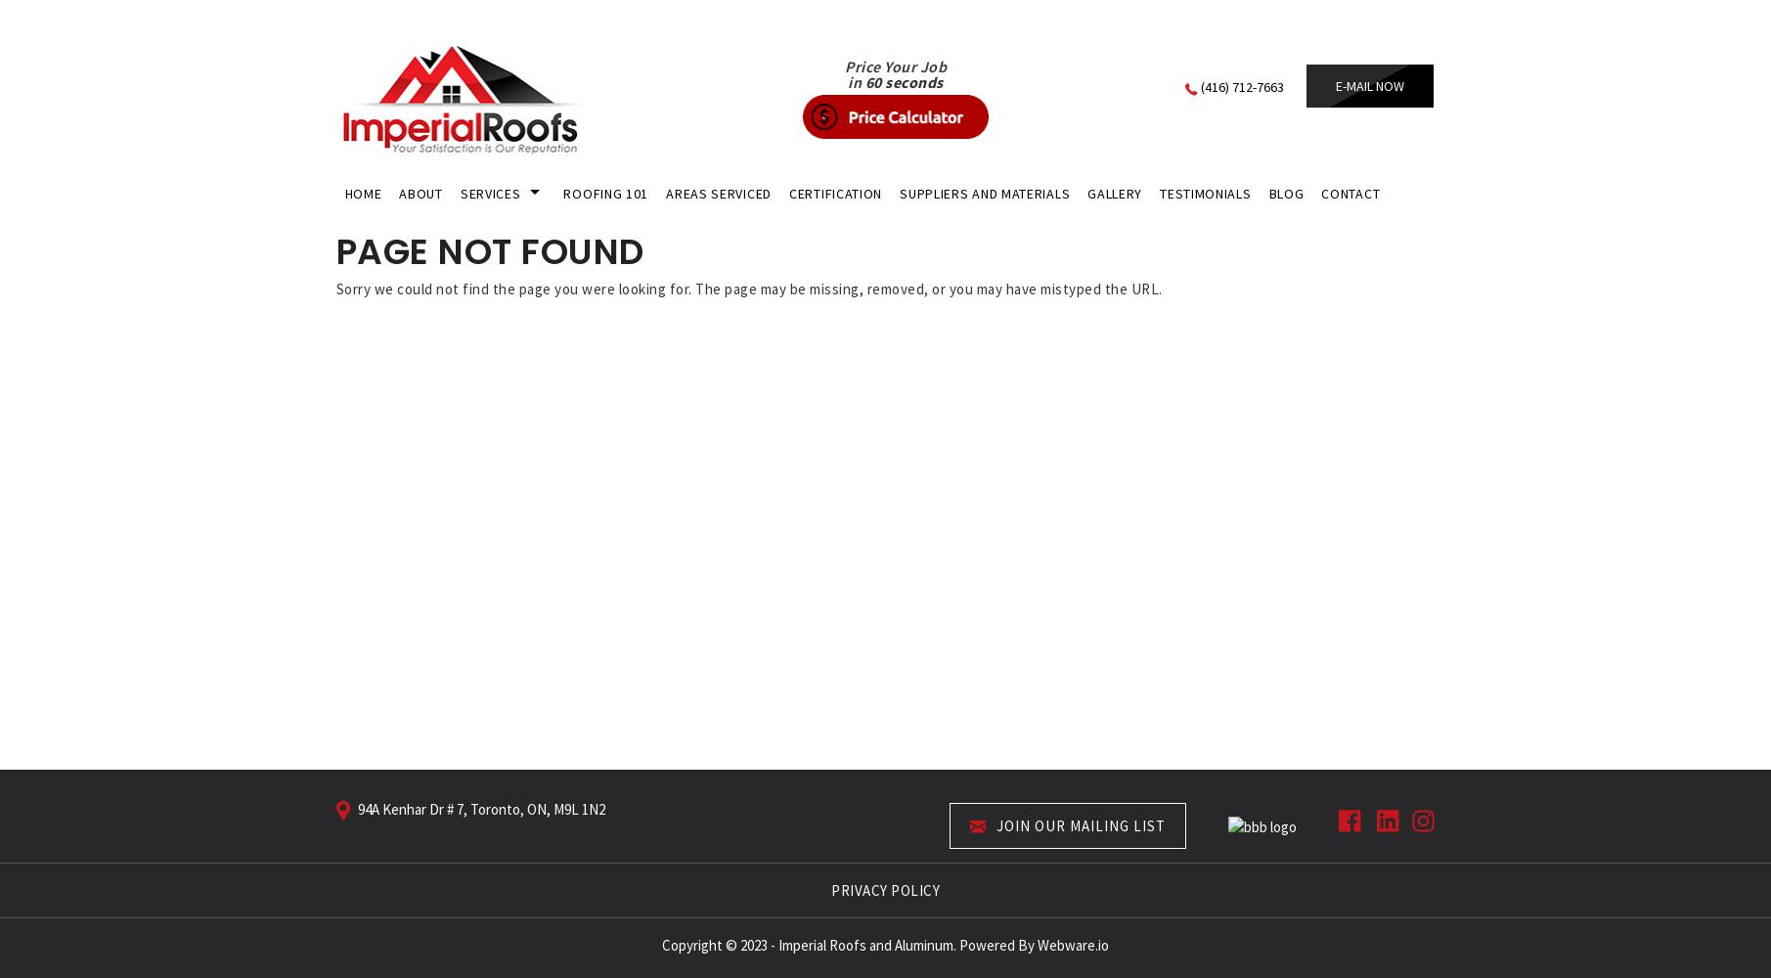  What do you see at coordinates (1079, 823) in the screenshot?
I see `'Join our mailing list'` at bounding box center [1079, 823].